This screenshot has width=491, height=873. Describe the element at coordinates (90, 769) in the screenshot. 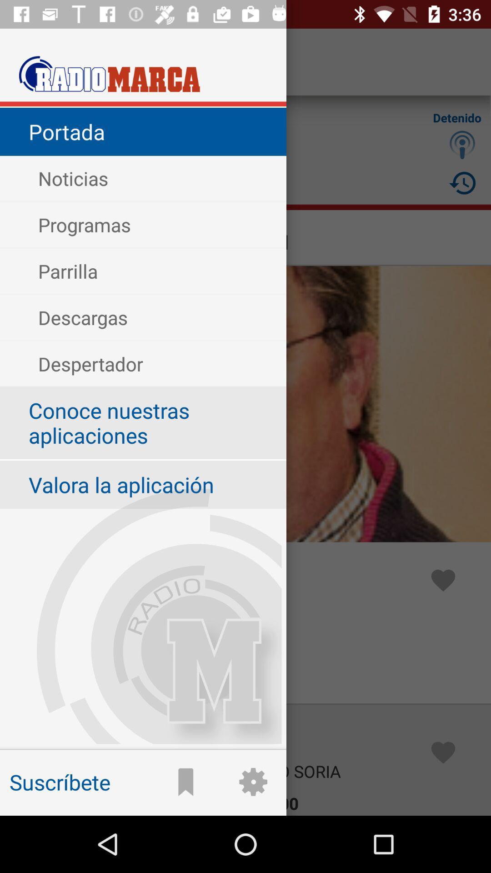

I see `suscribete` at that location.